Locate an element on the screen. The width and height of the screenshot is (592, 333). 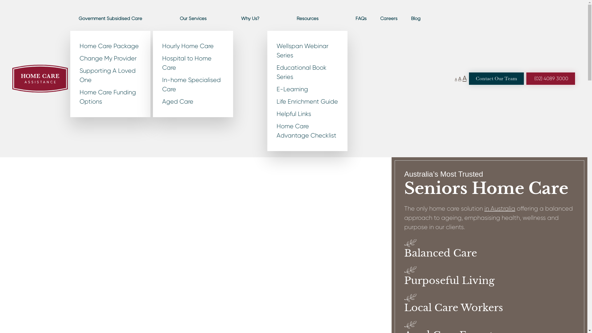
'Educational Book Series' is located at coordinates (307, 72).